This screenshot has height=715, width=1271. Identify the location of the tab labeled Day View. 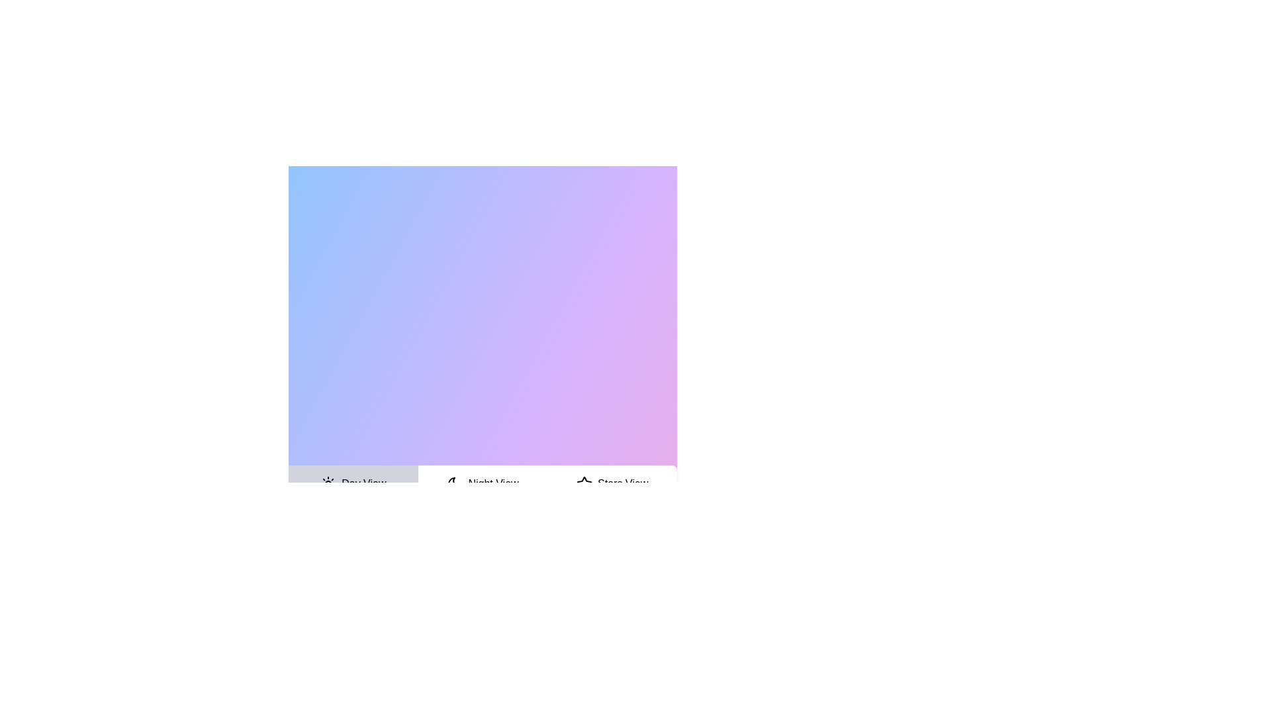
(353, 483).